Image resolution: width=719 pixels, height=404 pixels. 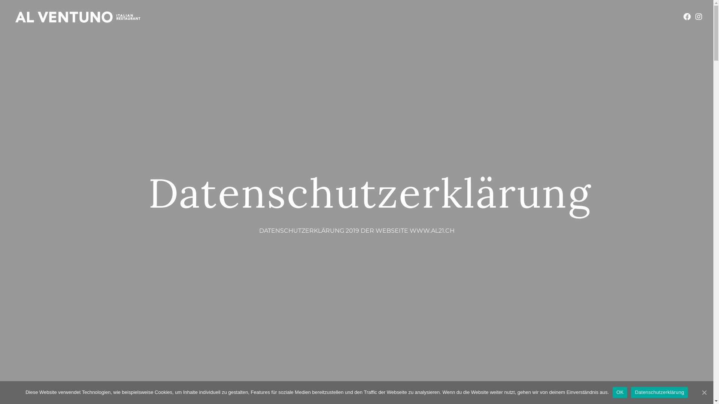 What do you see at coordinates (620, 392) in the screenshot?
I see `'OK'` at bounding box center [620, 392].